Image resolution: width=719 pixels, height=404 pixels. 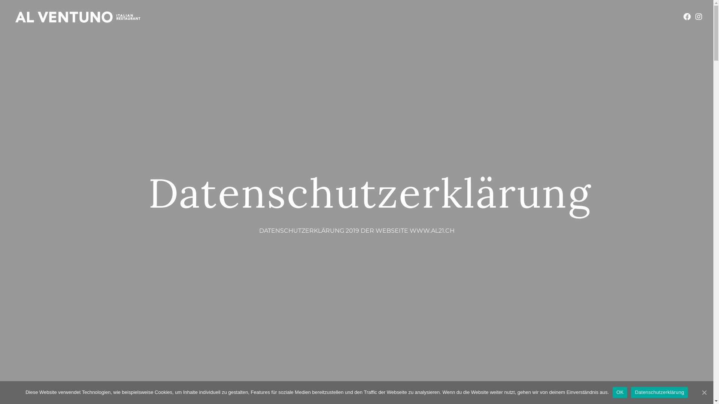 What do you see at coordinates (620, 392) in the screenshot?
I see `'OK'` at bounding box center [620, 392].